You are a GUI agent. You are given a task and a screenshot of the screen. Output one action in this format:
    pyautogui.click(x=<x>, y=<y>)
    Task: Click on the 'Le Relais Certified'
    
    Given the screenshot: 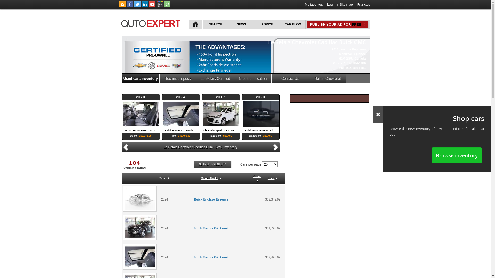 What is the action you would take?
    pyautogui.click(x=216, y=78)
    